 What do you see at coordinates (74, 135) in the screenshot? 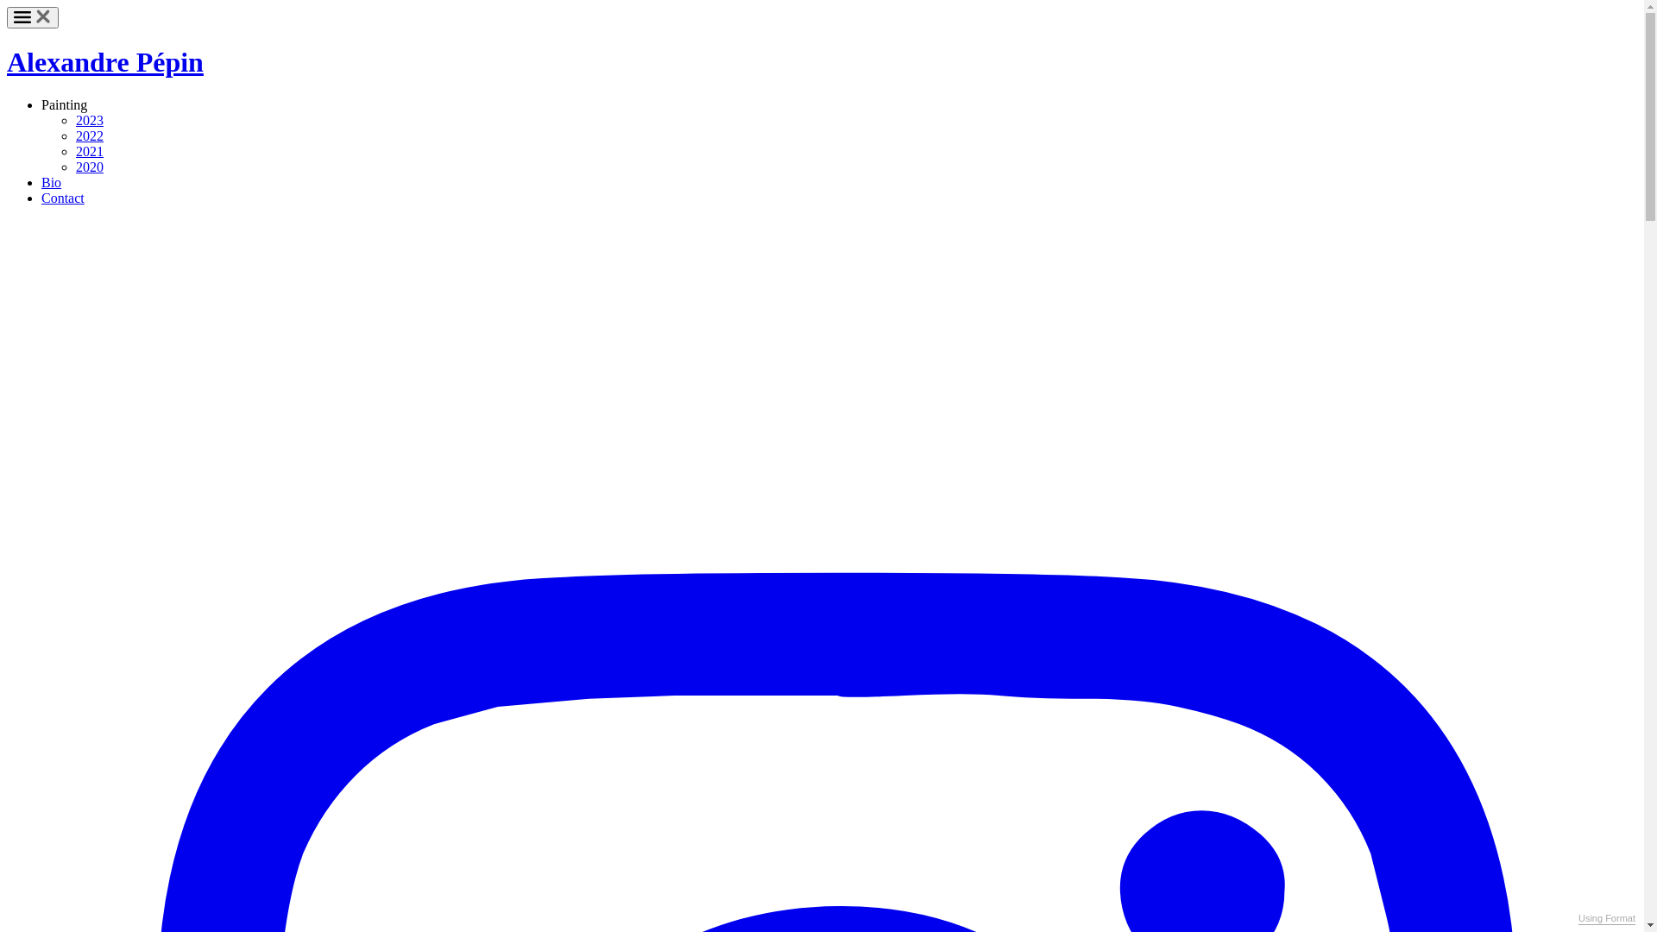
I see `'2022'` at bounding box center [74, 135].